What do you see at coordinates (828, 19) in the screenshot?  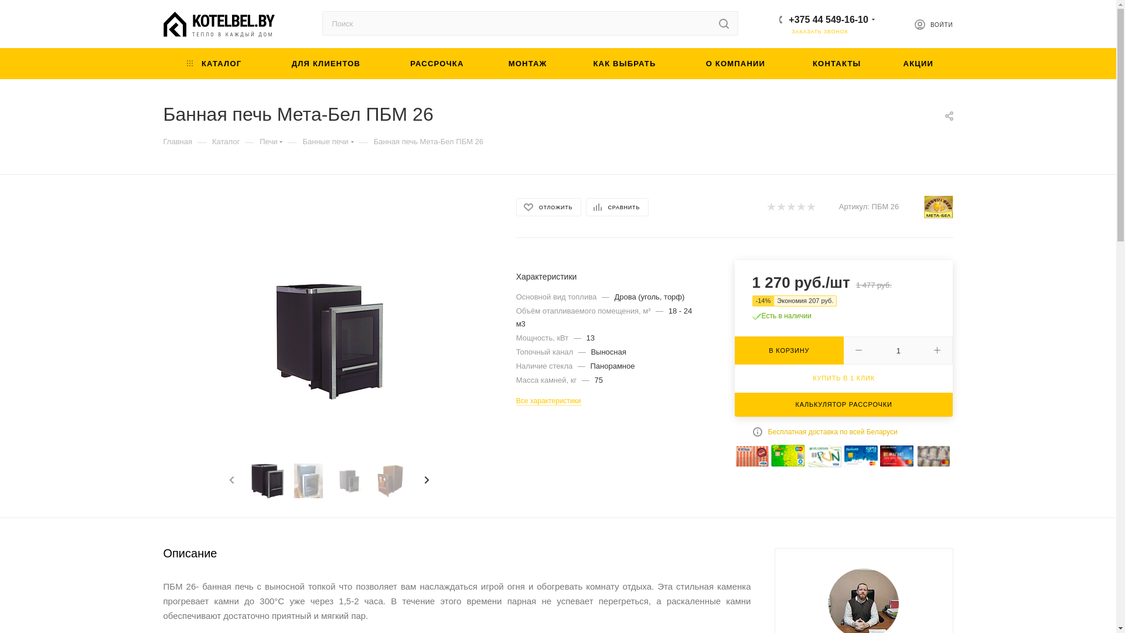 I see `'+375 44 549-16-10'` at bounding box center [828, 19].